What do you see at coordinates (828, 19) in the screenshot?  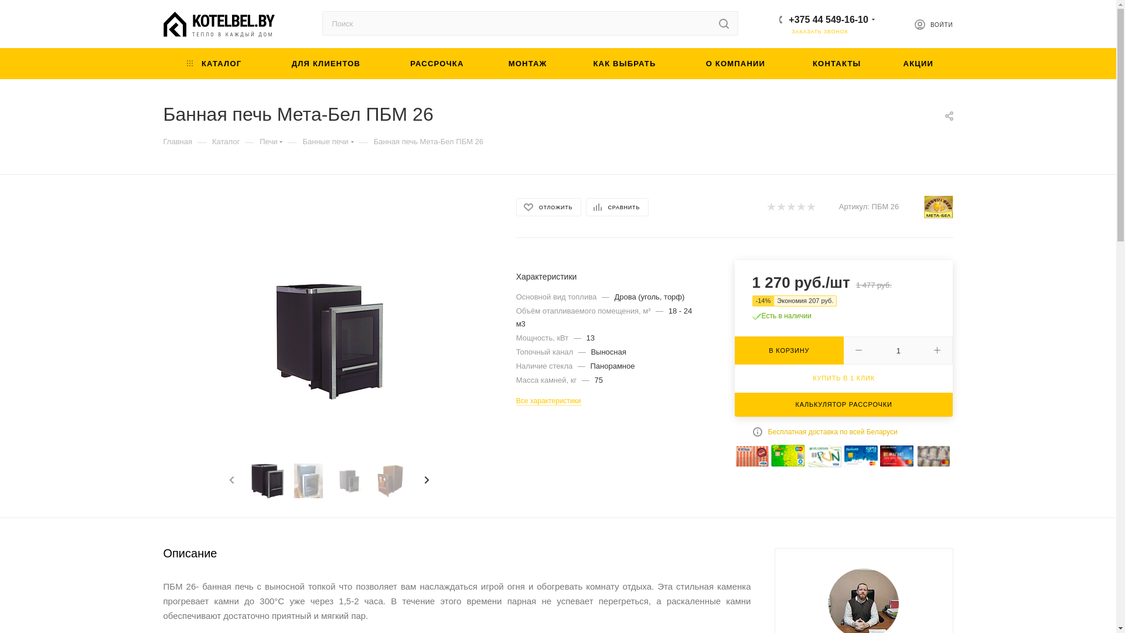 I see `'+375 44 549-16-10'` at bounding box center [828, 19].